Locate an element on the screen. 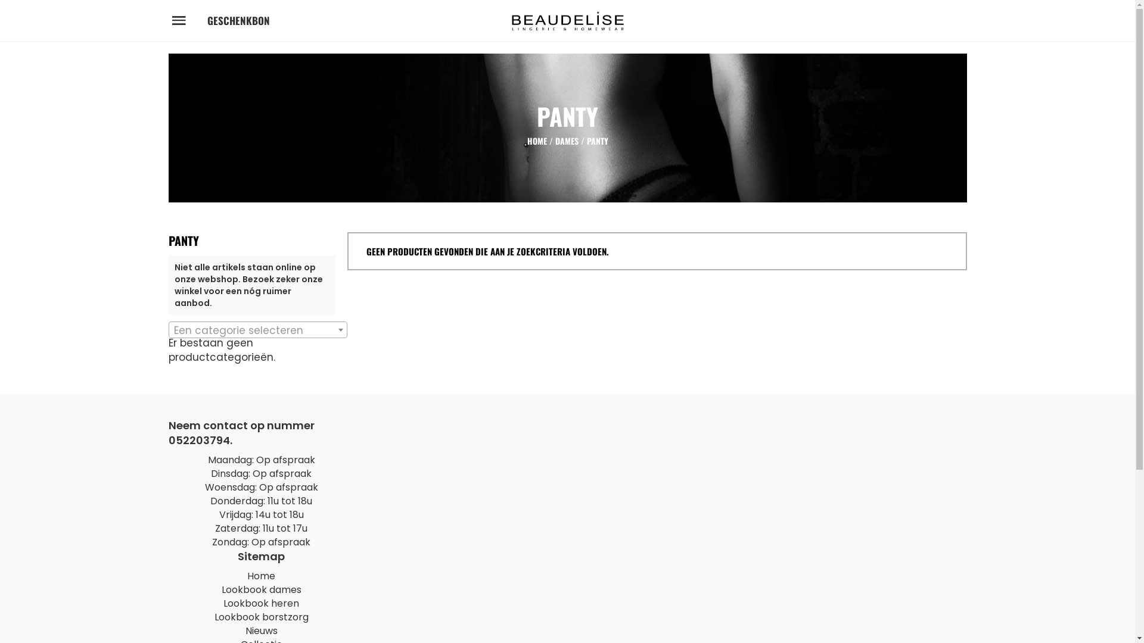 The height and width of the screenshot is (643, 1144). 'HOME' is located at coordinates (536, 140).